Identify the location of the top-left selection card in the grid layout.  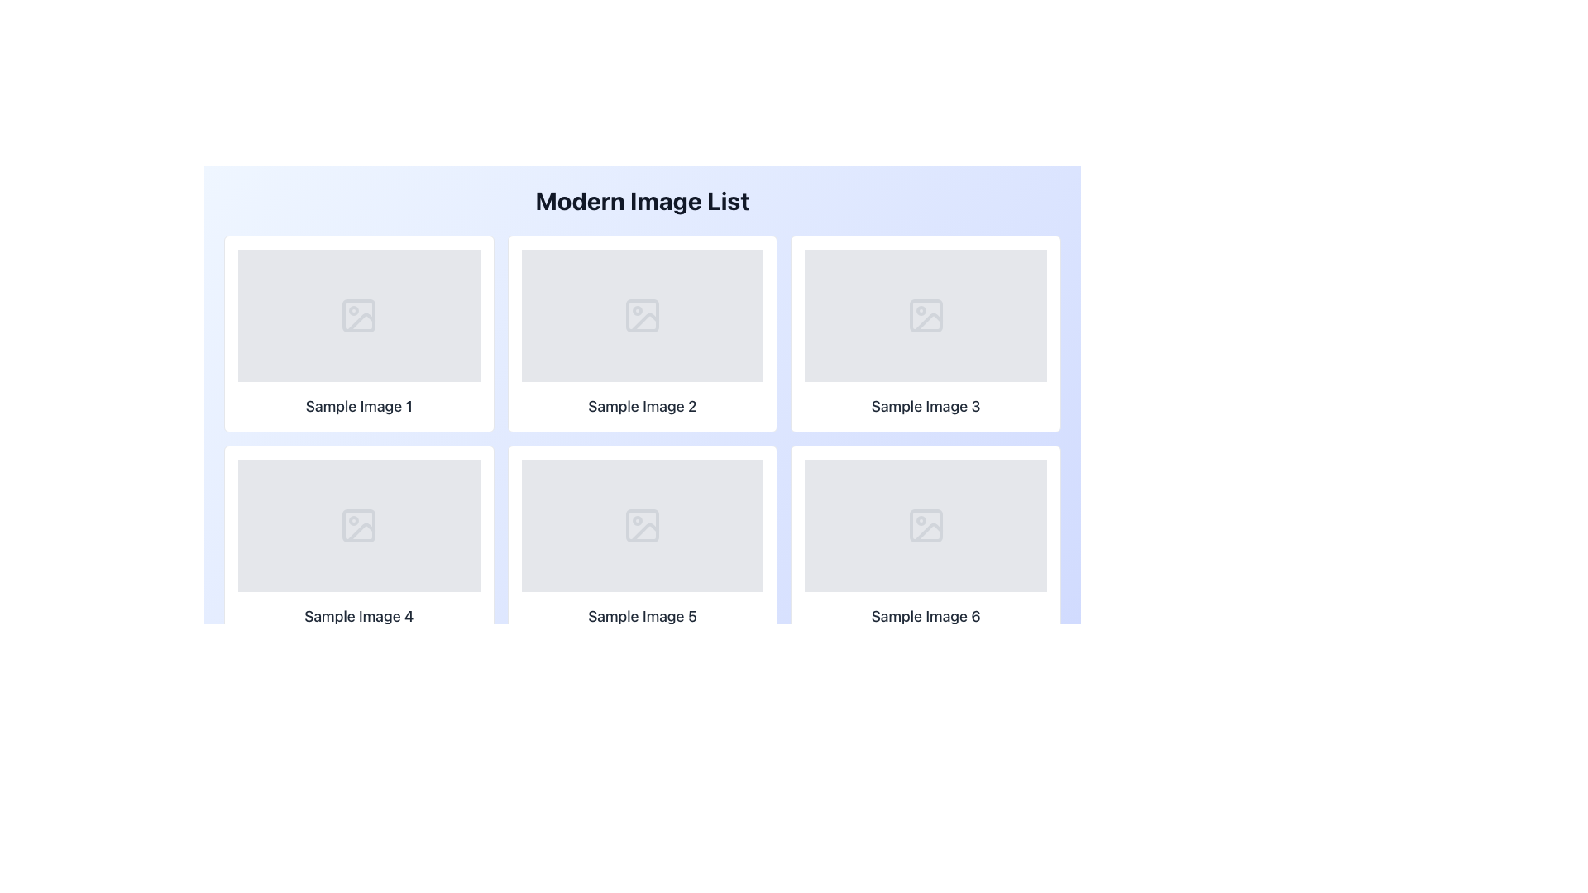
(357, 334).